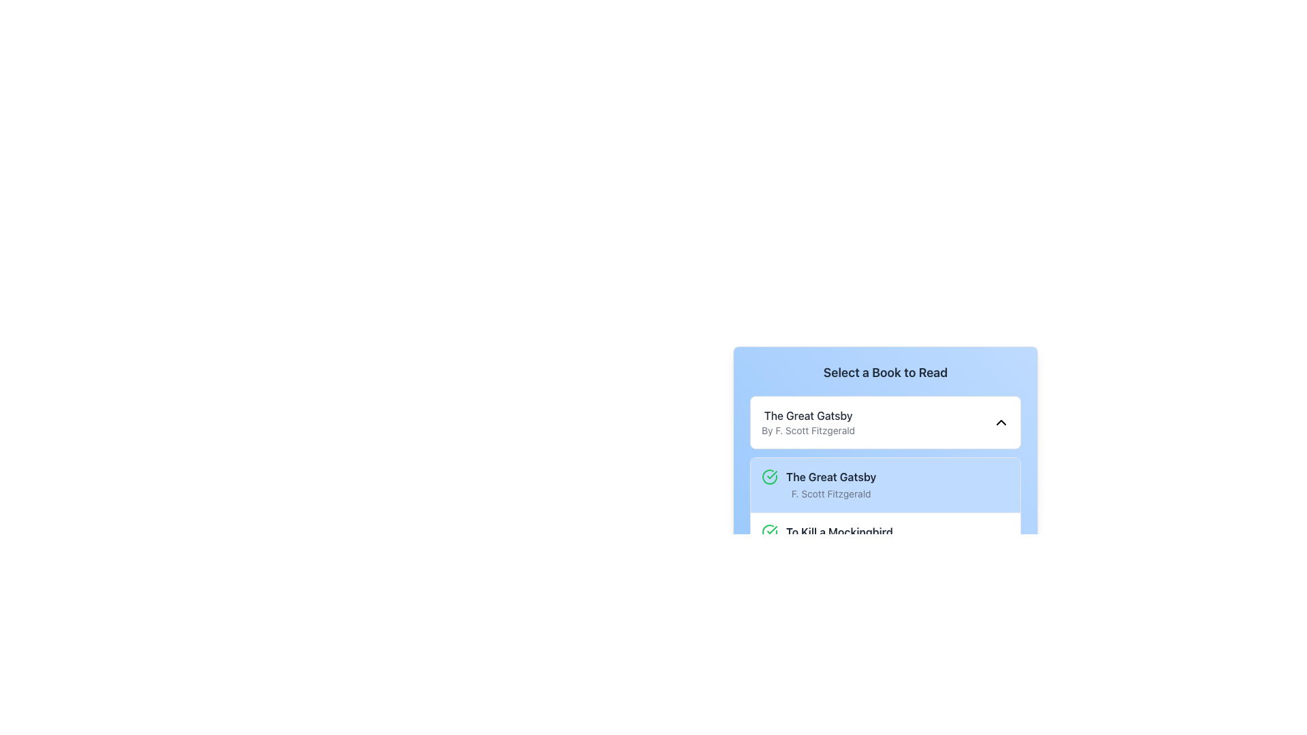 This screenshot has width=1307, height=735. Describe the element at coordinates (830, 476) in the screenshot. I see `the static text displaying the book's title, which is located above the text 'F. Scott Fitzgerald' in the blue list item box` at that location.